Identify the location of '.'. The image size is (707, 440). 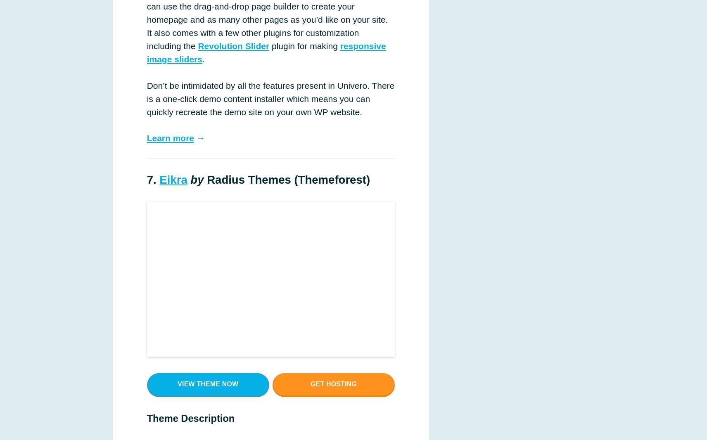
(201, 59).